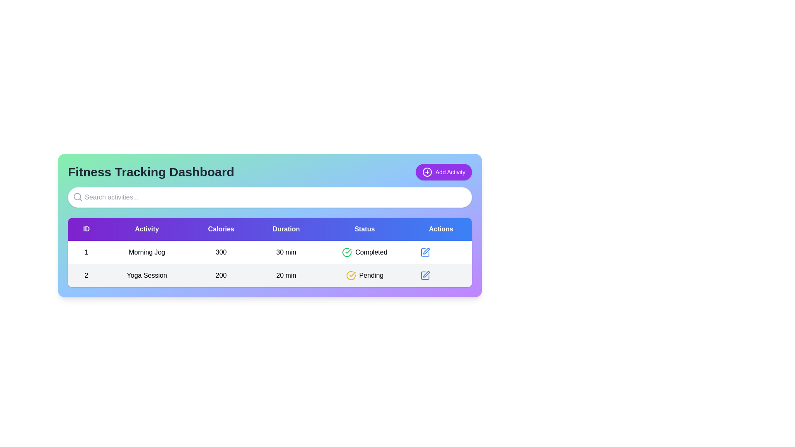 The height and width of the screenshot is (447, 795). Describe the element at coordinates (221, 229) in the screenshot. I see `the 'Calories' text label, which is the third label in a series of six within the table header section, displaying the word 'Calories' in white on a purple background` at that location.